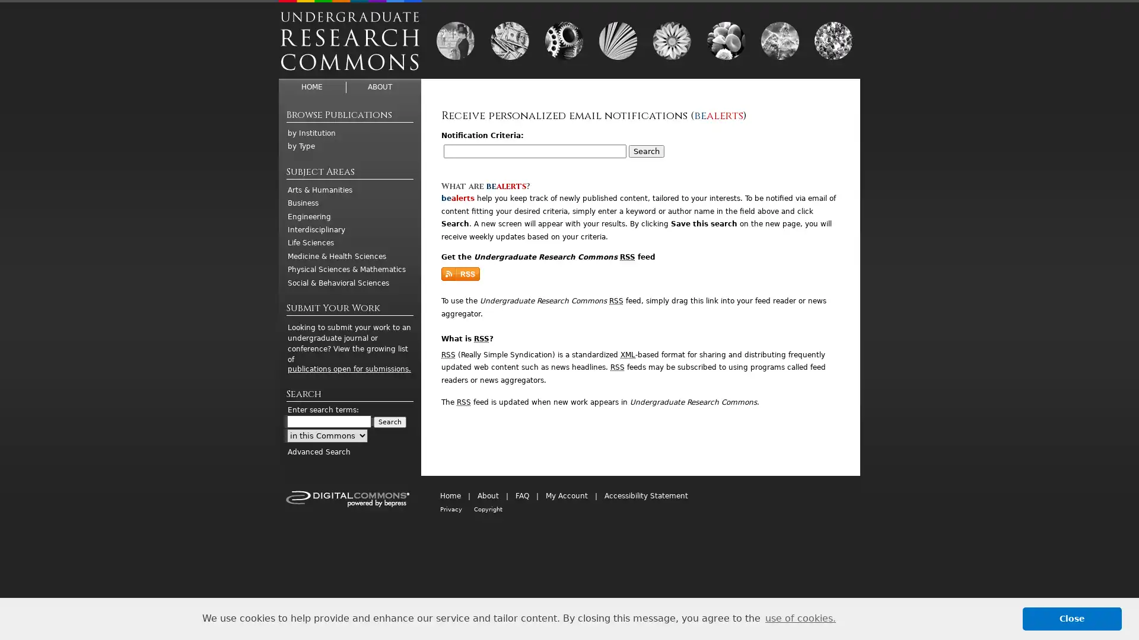 The image size is (1139, 640). I want to click on Search, so click(645, 151).